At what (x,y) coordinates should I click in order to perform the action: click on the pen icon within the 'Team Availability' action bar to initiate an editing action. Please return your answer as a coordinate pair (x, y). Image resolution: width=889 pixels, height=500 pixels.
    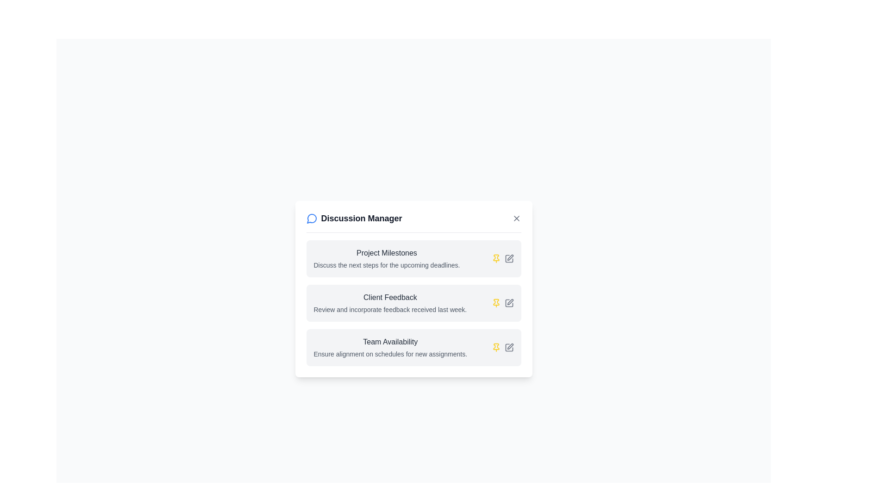
    Looking at the image, I should click on (508, 347).